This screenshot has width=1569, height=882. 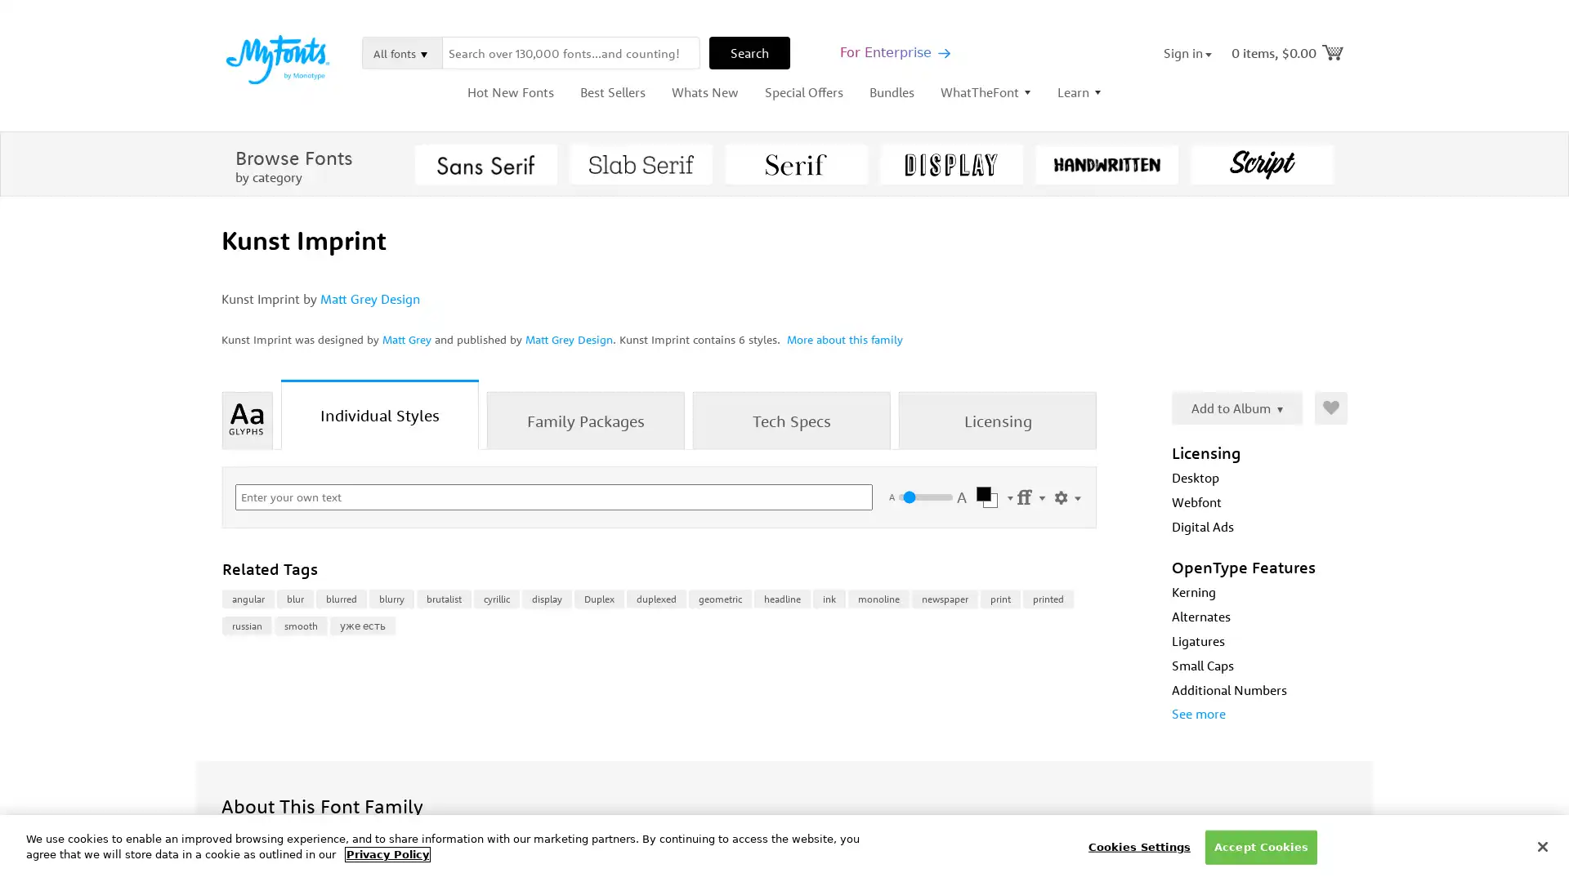 I want to click on Buying Choices, so click(x=1032, y=575).